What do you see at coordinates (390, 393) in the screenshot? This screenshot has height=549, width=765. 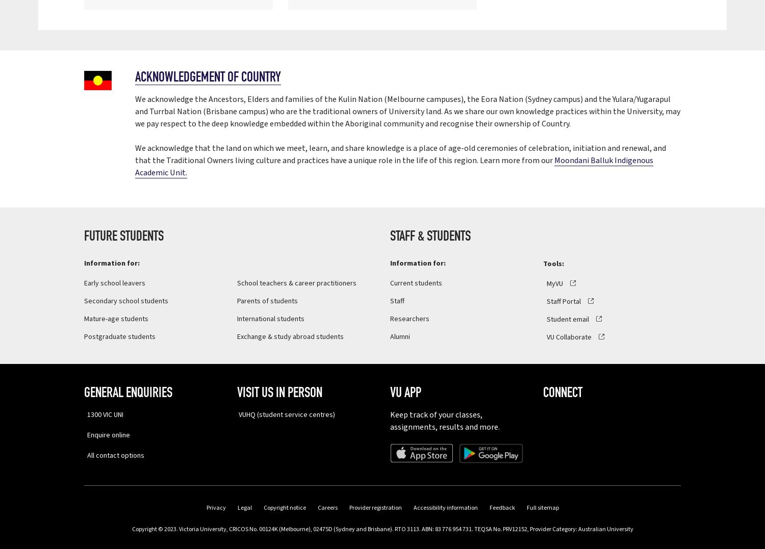 I see `'VU APP'` at bounding box center [390, 393].